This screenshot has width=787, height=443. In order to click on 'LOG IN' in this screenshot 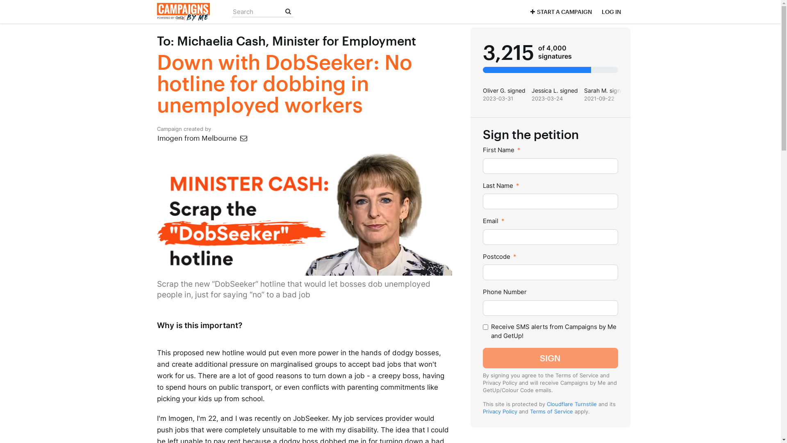, I will do `click(611, 11)`.